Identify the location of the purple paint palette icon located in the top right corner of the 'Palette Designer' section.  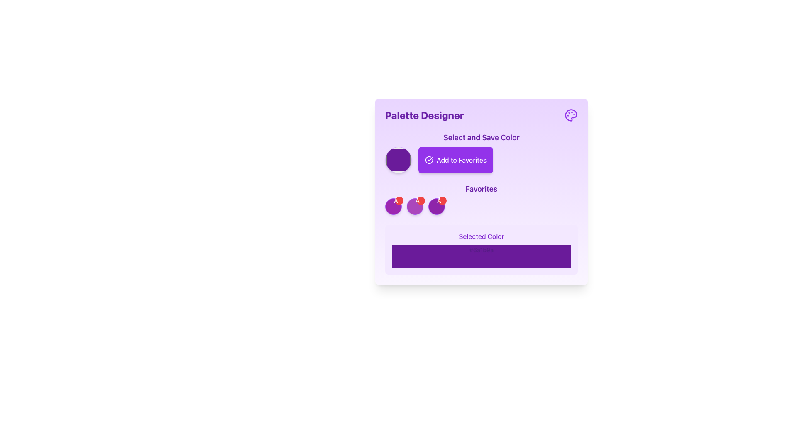
(571, 115).